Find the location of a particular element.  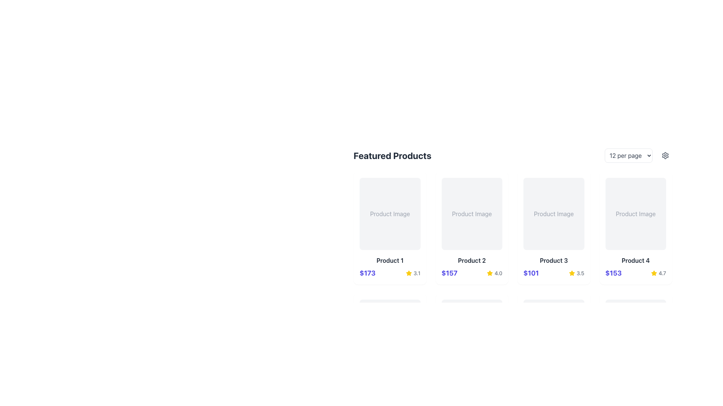

the price text label of the fourth product located below the 'Product 4' label is located at coordinates (613, 273).